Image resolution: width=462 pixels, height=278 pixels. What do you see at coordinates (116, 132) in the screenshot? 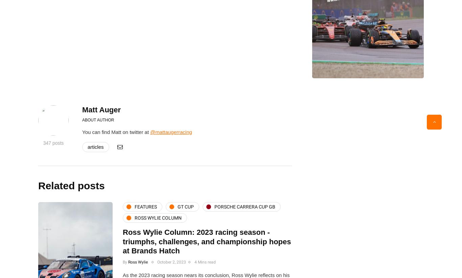
I see `'You can find Matt on twitter at'` at bounding box center [116, 132].